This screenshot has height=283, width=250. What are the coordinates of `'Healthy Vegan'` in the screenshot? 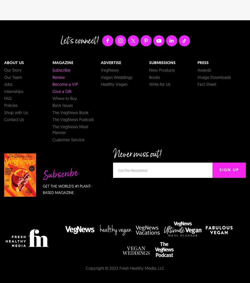 It's located at (114, 84).